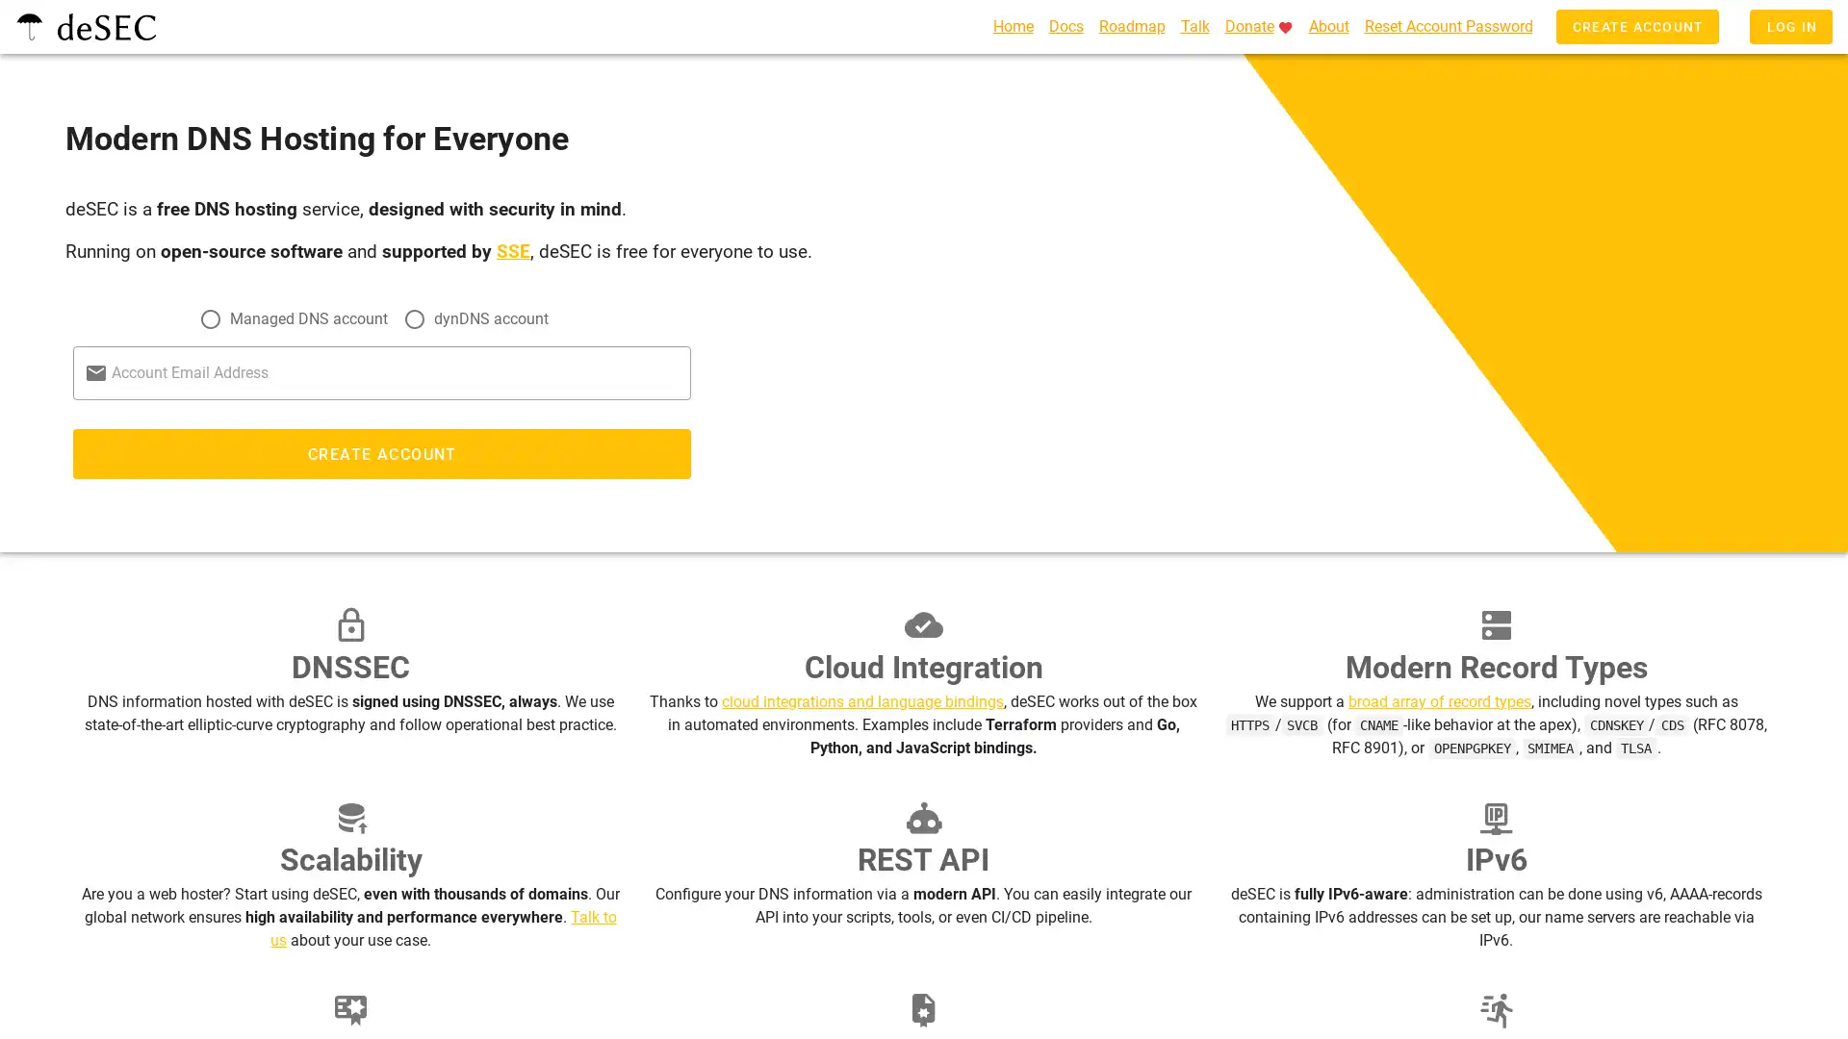 Image resolution: width=1848 pixels, height=1039 pixels. Describe the element at coordinates (380, 461) in the screenshot. I see `CREATE ACCOUNT` at that location.